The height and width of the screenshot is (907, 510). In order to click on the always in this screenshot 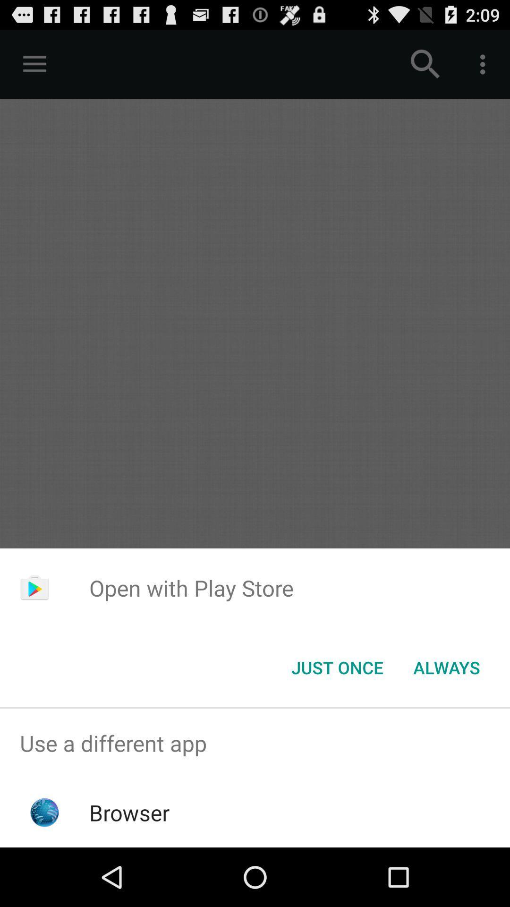, I will do `click(446, 667)`.